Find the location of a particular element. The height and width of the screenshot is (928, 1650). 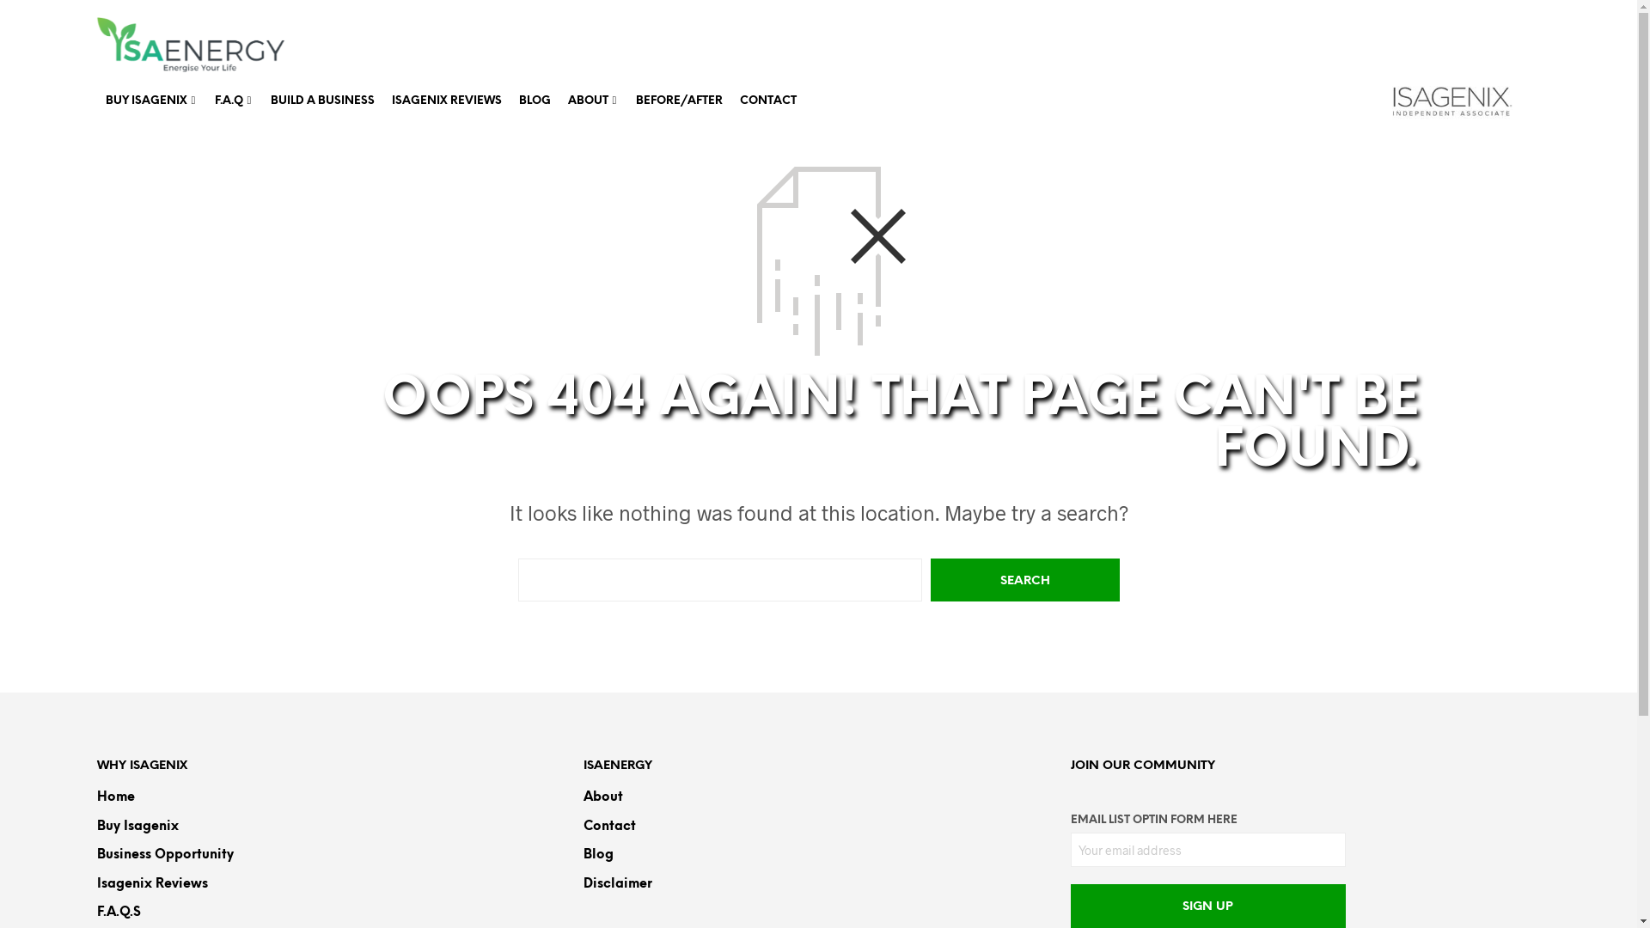

'Search' is located at coordinates (1024, 580).